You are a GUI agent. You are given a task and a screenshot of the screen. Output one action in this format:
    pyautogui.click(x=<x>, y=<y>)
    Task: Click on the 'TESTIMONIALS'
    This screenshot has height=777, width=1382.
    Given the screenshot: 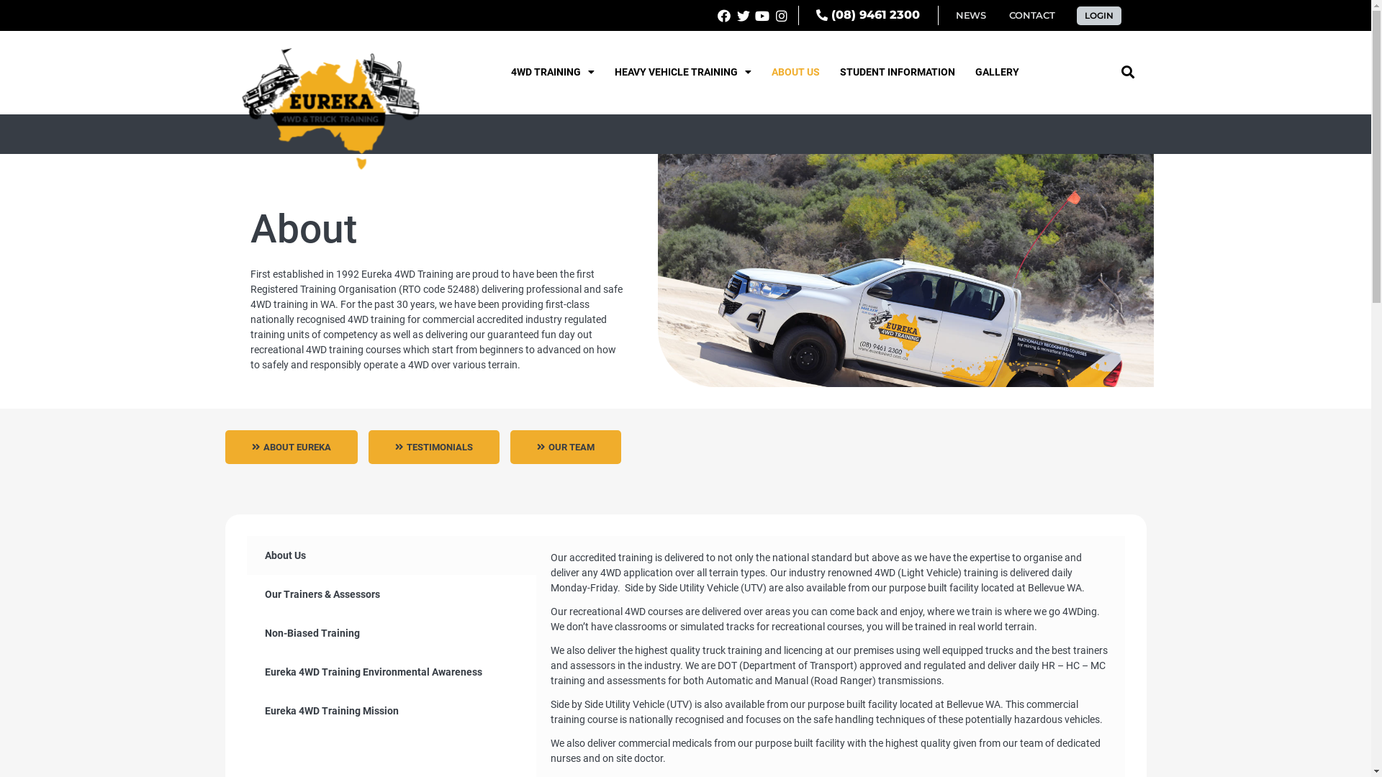 What is the action you would take?
    pyautogui.click(x=433, y=446)
    